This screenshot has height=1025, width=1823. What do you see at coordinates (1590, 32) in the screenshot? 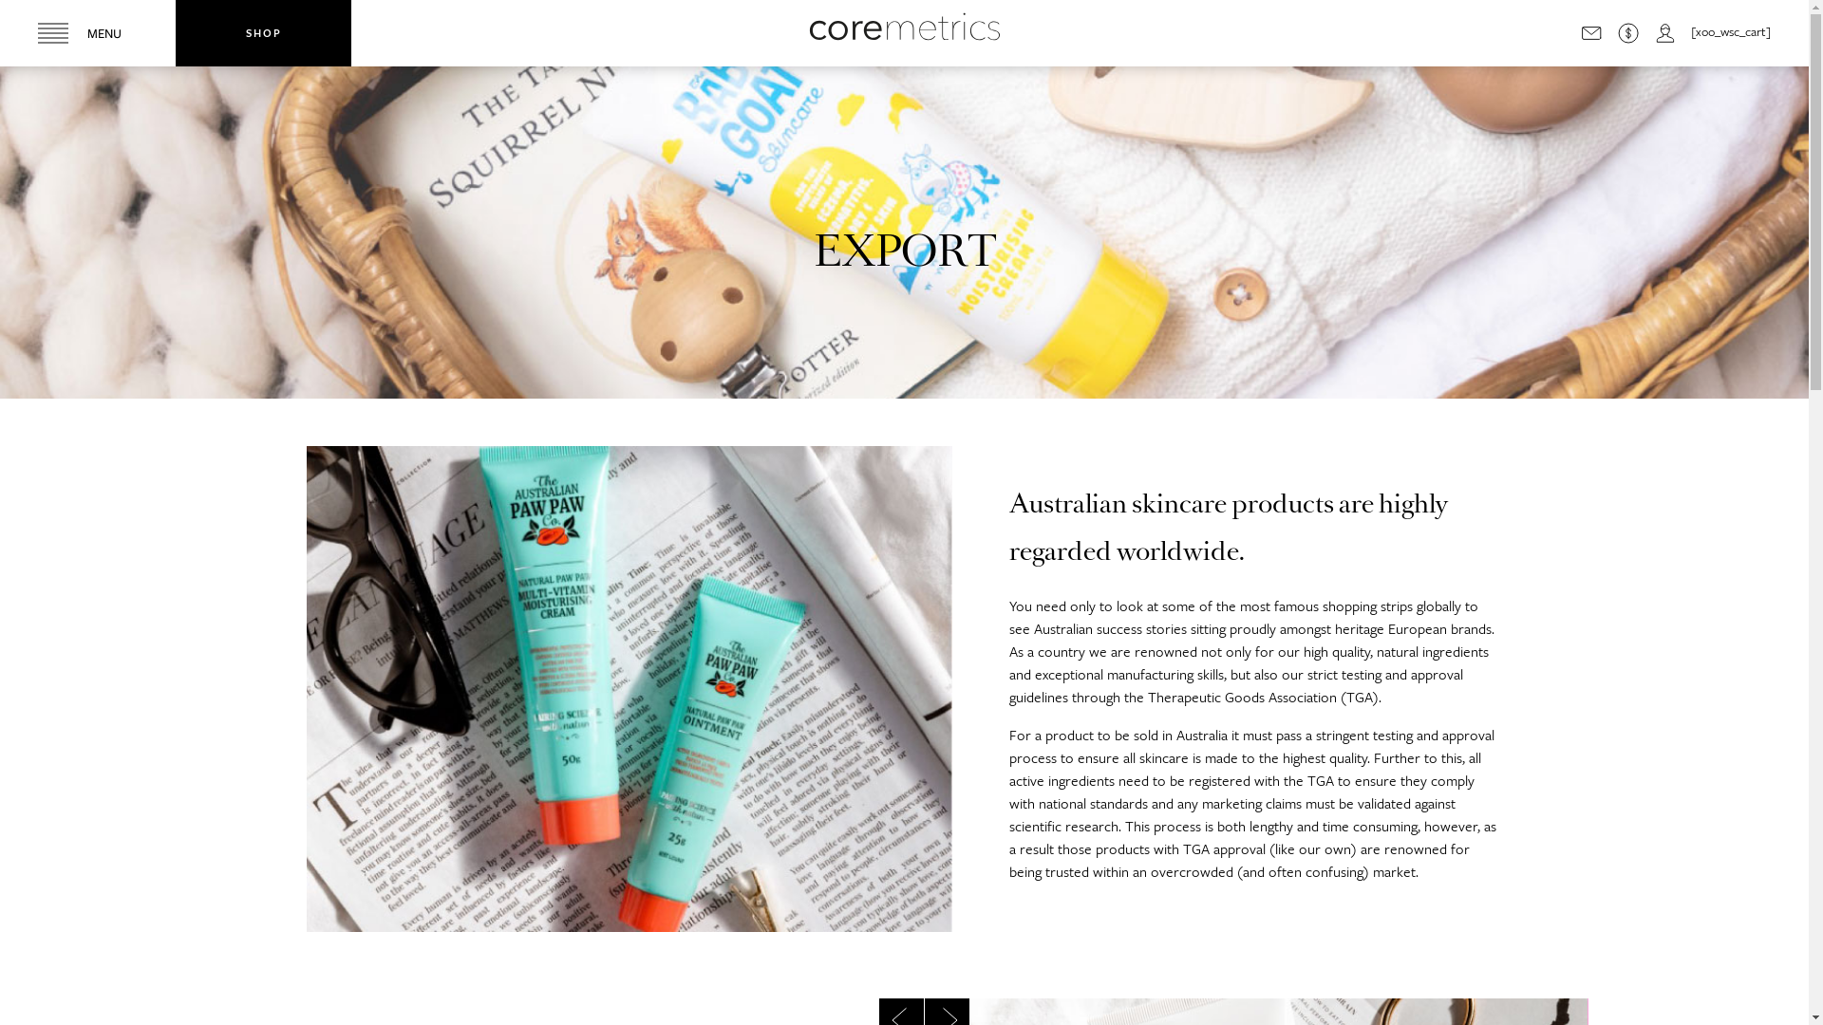
I see `'Contact'` at bounding box center [1590, 32].